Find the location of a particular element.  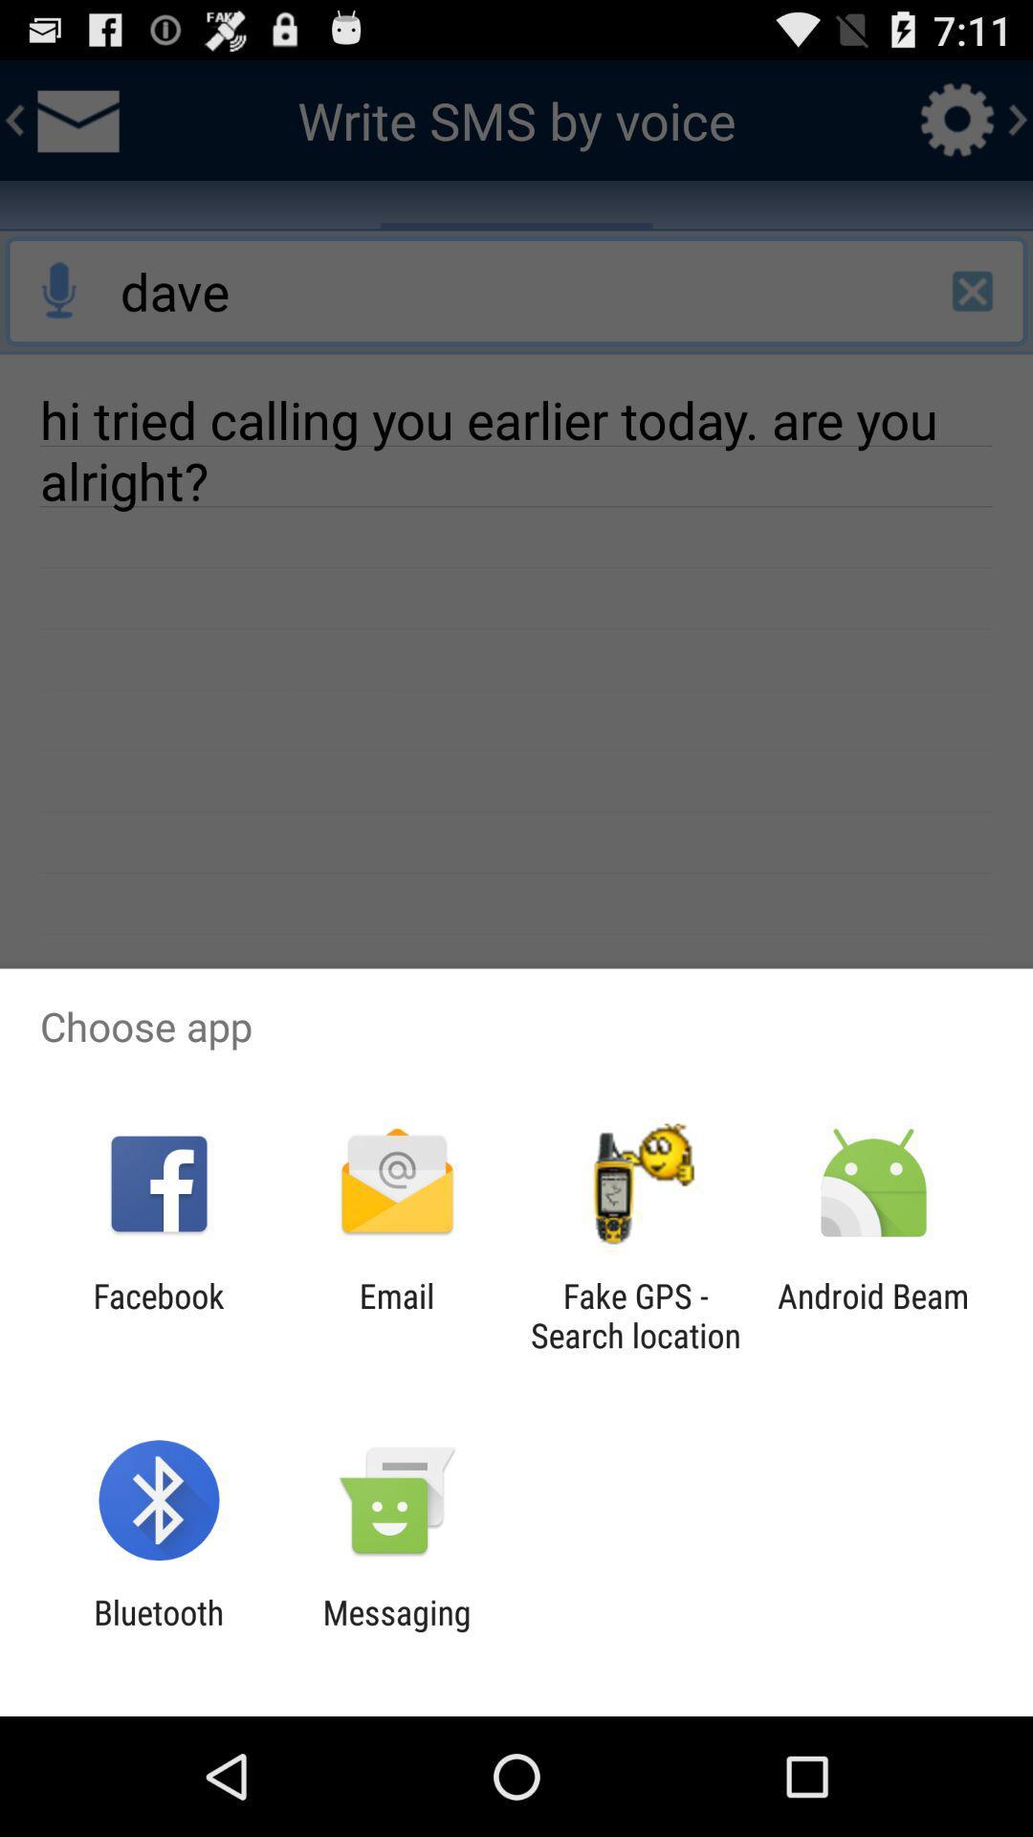

app next to bluetooth is located at coordinates (396, 1631).